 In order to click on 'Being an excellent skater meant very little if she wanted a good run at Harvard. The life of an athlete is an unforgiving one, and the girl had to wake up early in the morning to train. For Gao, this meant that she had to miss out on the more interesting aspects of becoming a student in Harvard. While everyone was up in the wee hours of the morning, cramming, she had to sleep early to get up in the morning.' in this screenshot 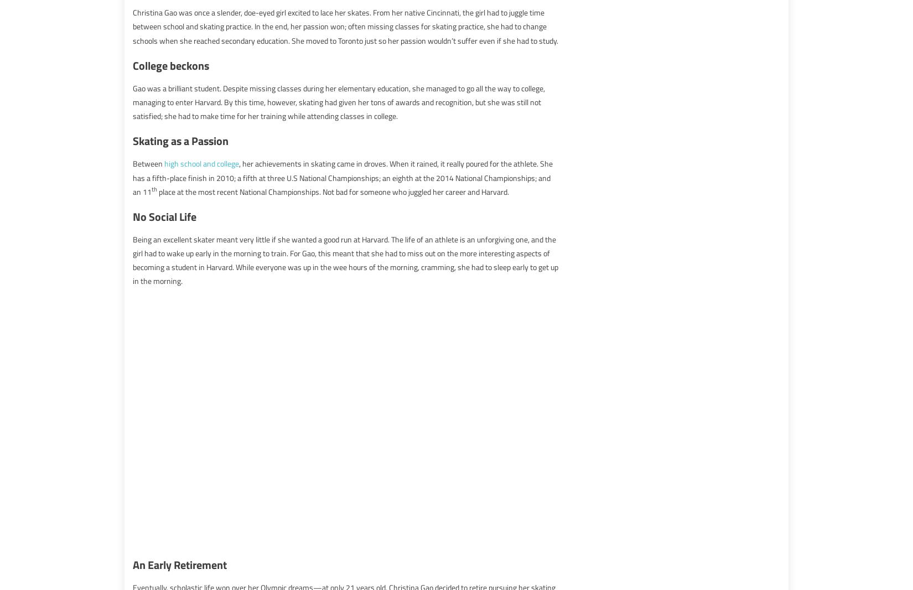, I will do `click(133, 260)`.